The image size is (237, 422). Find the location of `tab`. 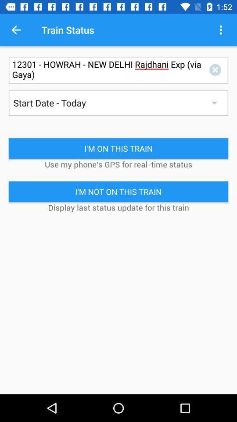

tab is located at coordinates (216, 69).